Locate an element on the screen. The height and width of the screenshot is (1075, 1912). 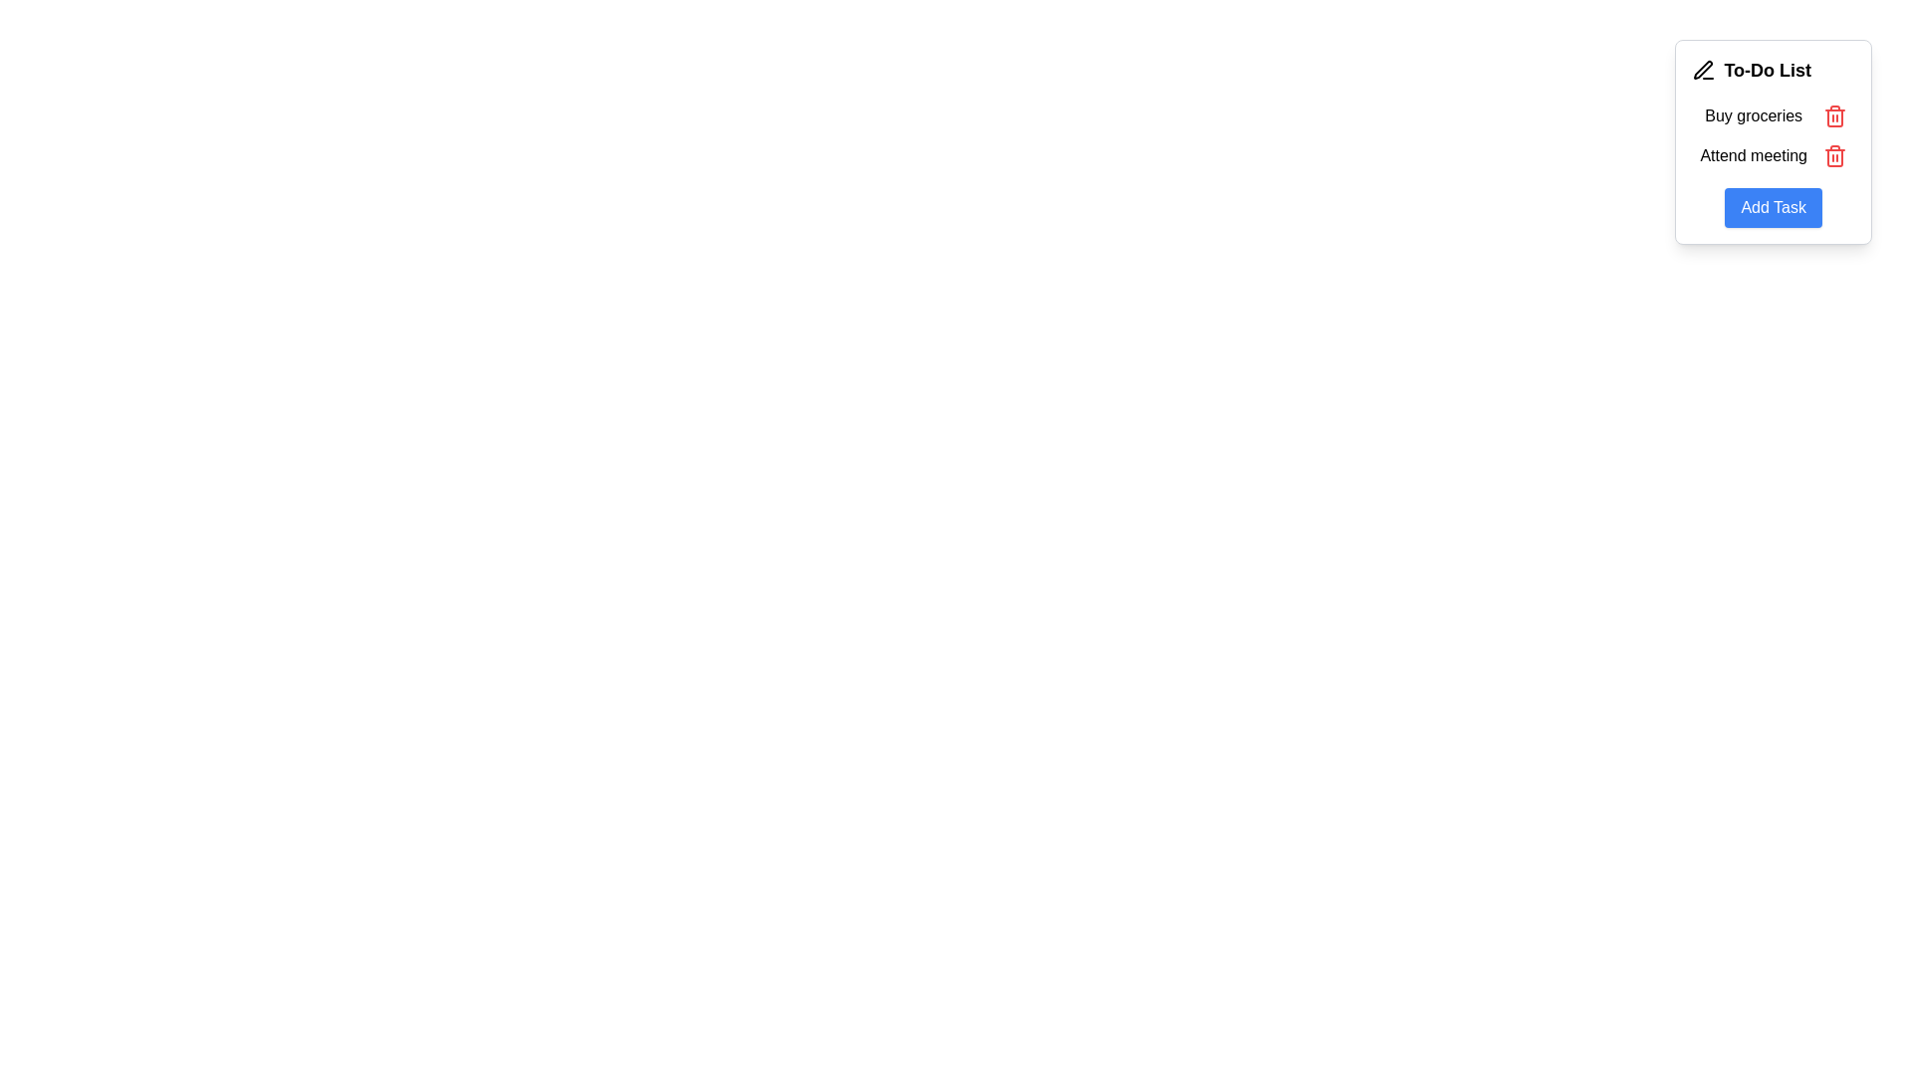
the 'Buy groceries' text label is located at coordinates (1774, 115).